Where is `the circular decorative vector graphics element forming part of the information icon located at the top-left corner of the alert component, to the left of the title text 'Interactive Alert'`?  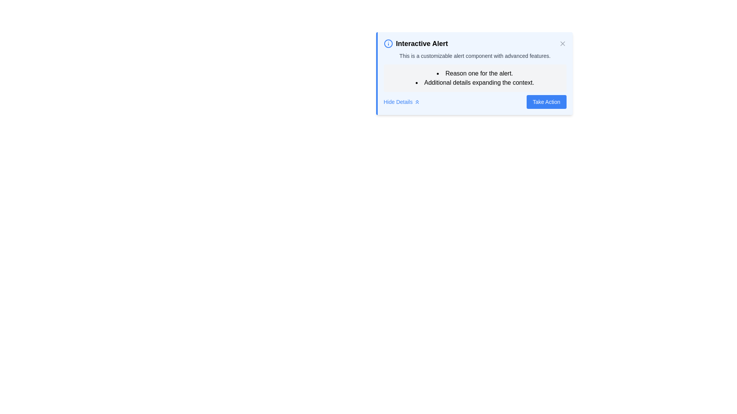 the circular decorative vector graphics element forming part of the information icon located at the top-left corner of the alert component, to the left of the title text 'Interactive Alert' is located at coordinates (388, 44).